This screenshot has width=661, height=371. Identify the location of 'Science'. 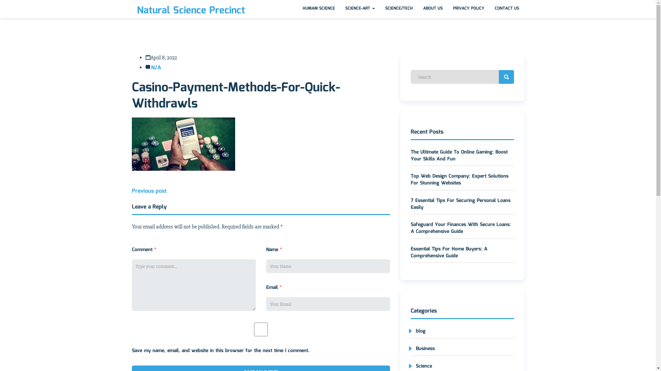
(421, 366).